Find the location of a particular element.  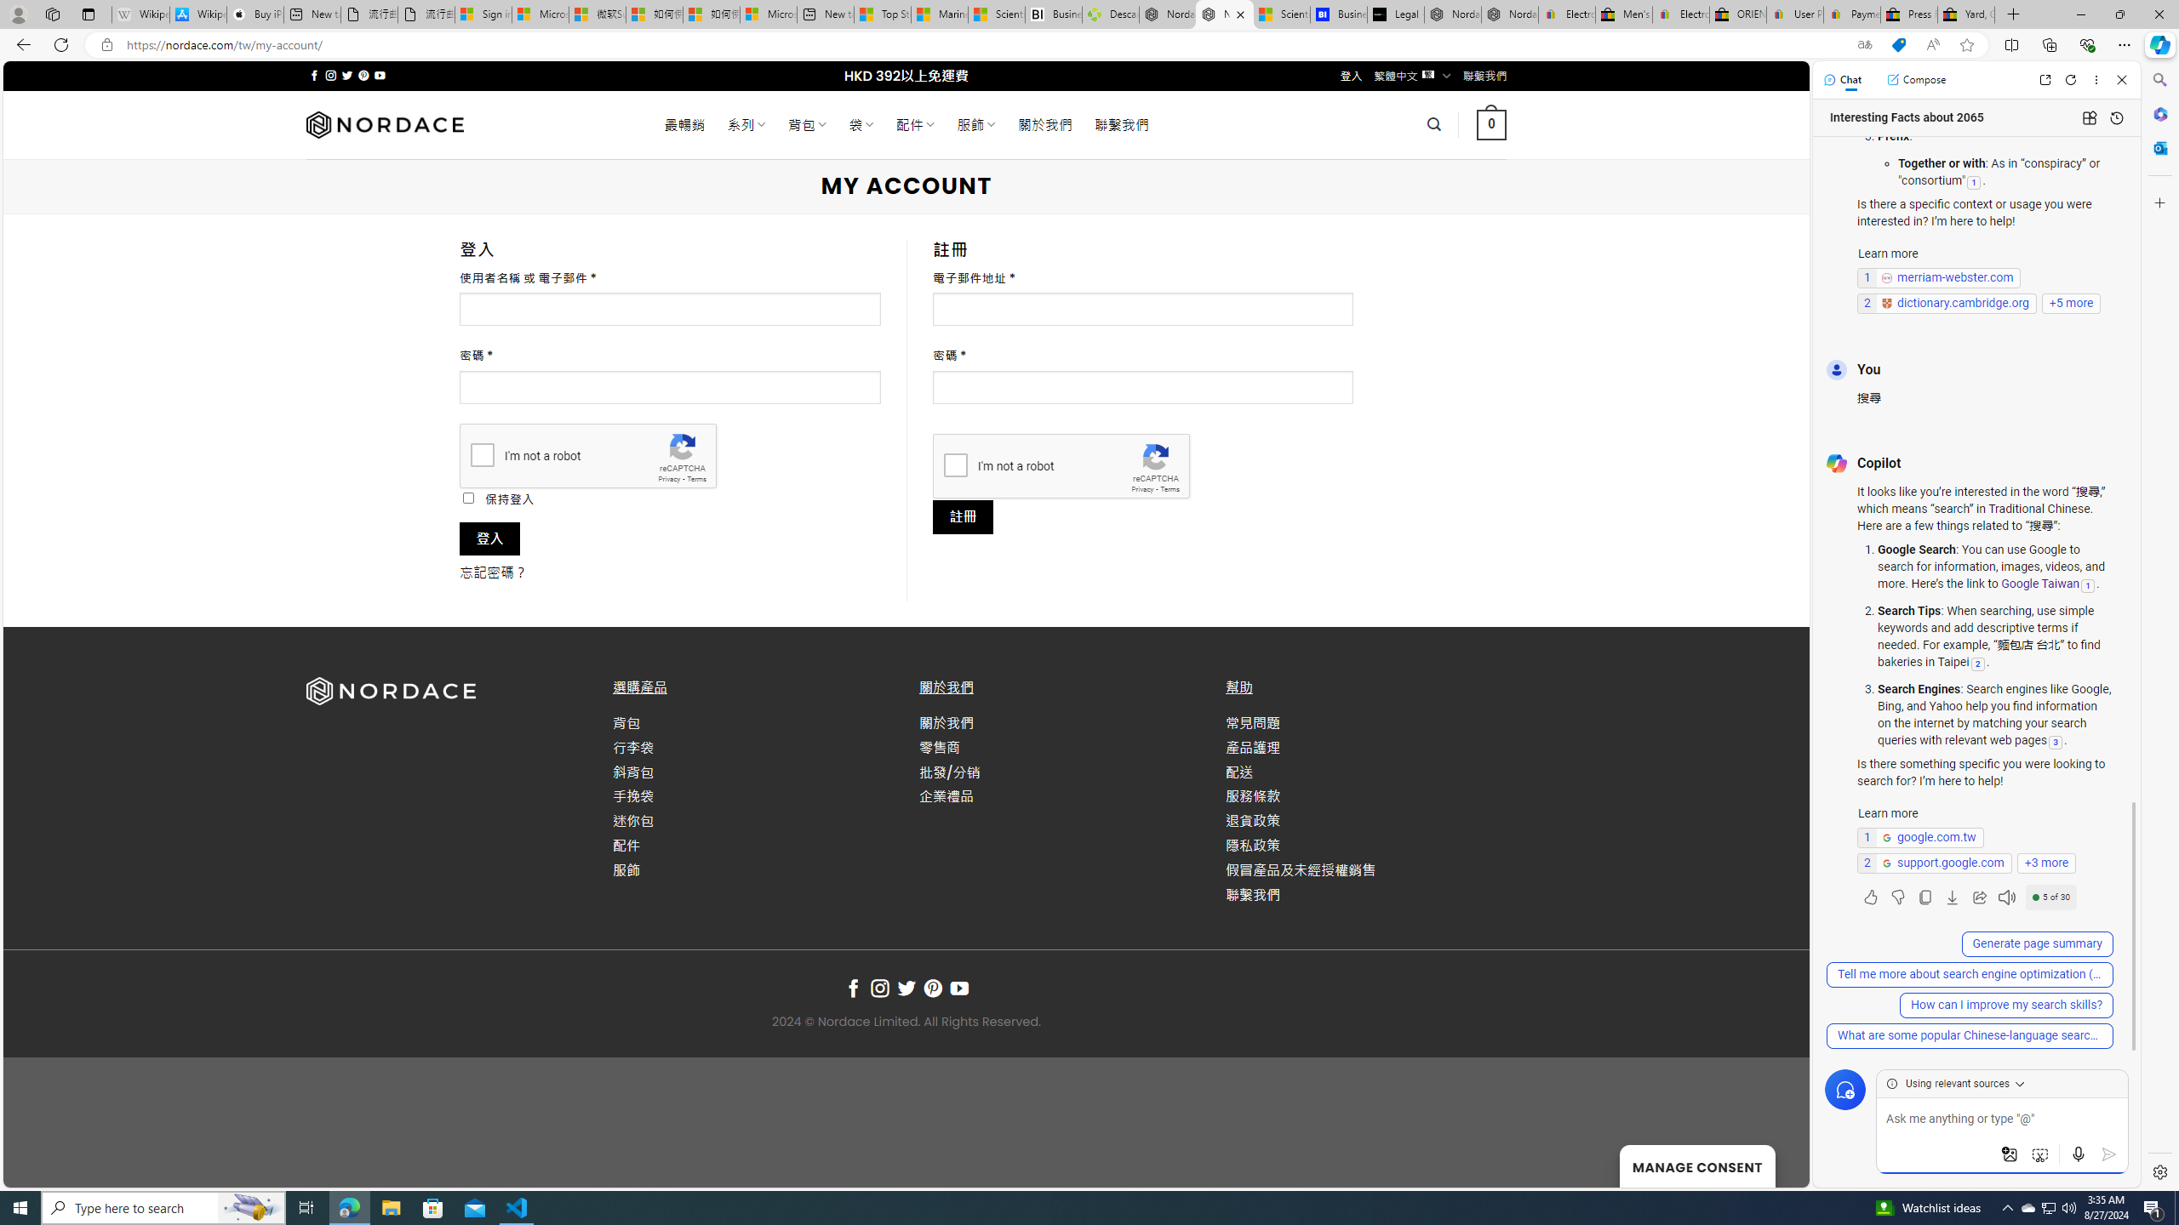

'Nordace - My Account' is located at coordinates (1225, 14).